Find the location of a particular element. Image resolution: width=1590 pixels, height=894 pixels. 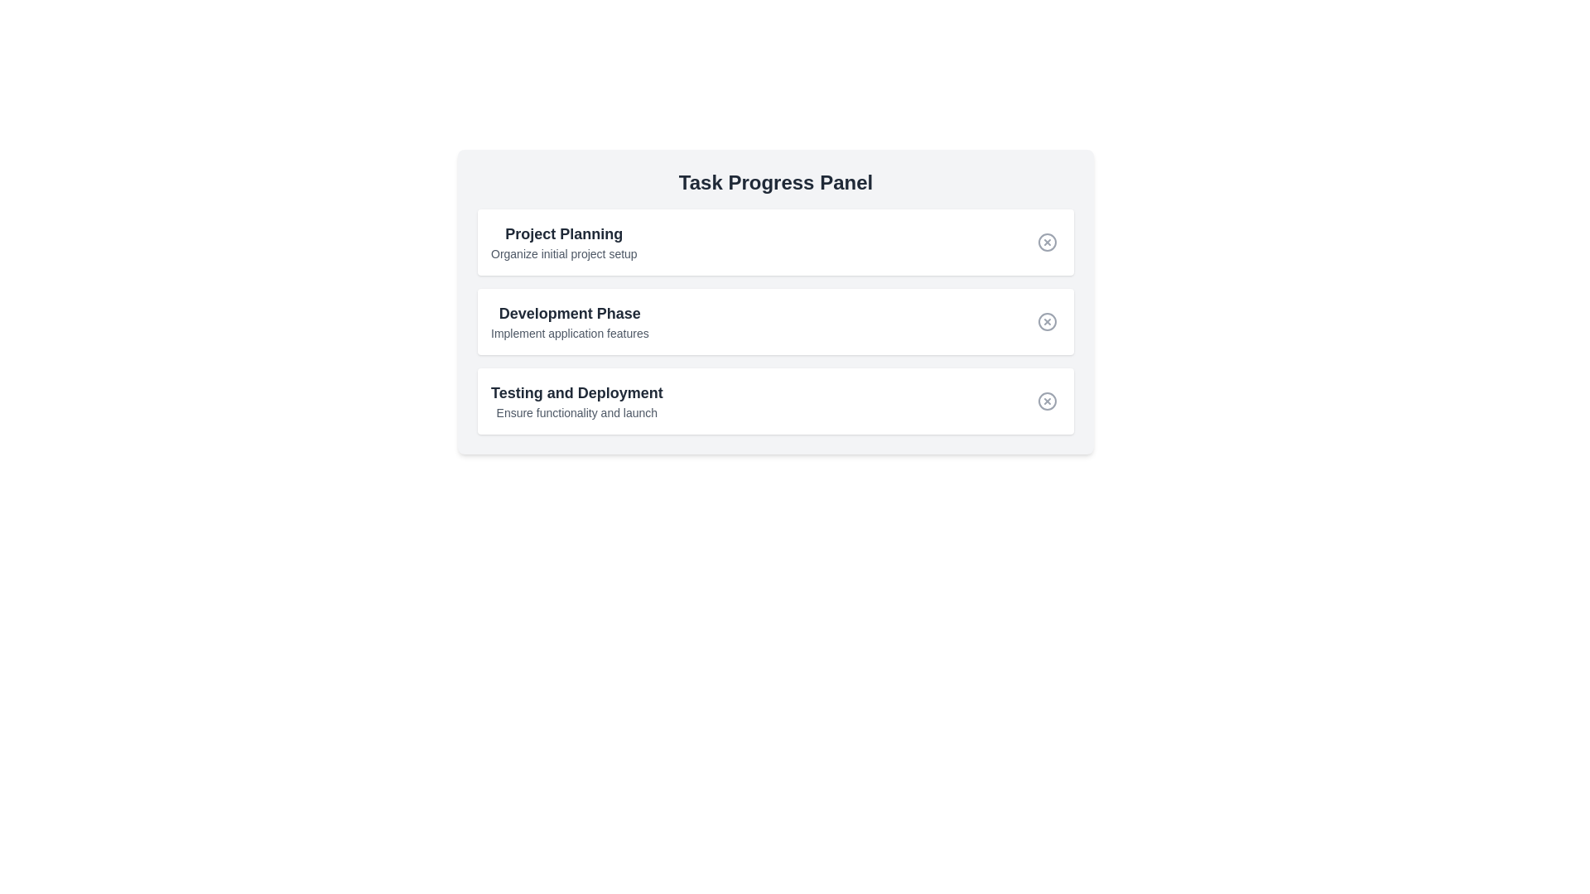

the text block titled 'Development Phase' that contains the description 'Implement application features.' is located at coordinates (570, 322).